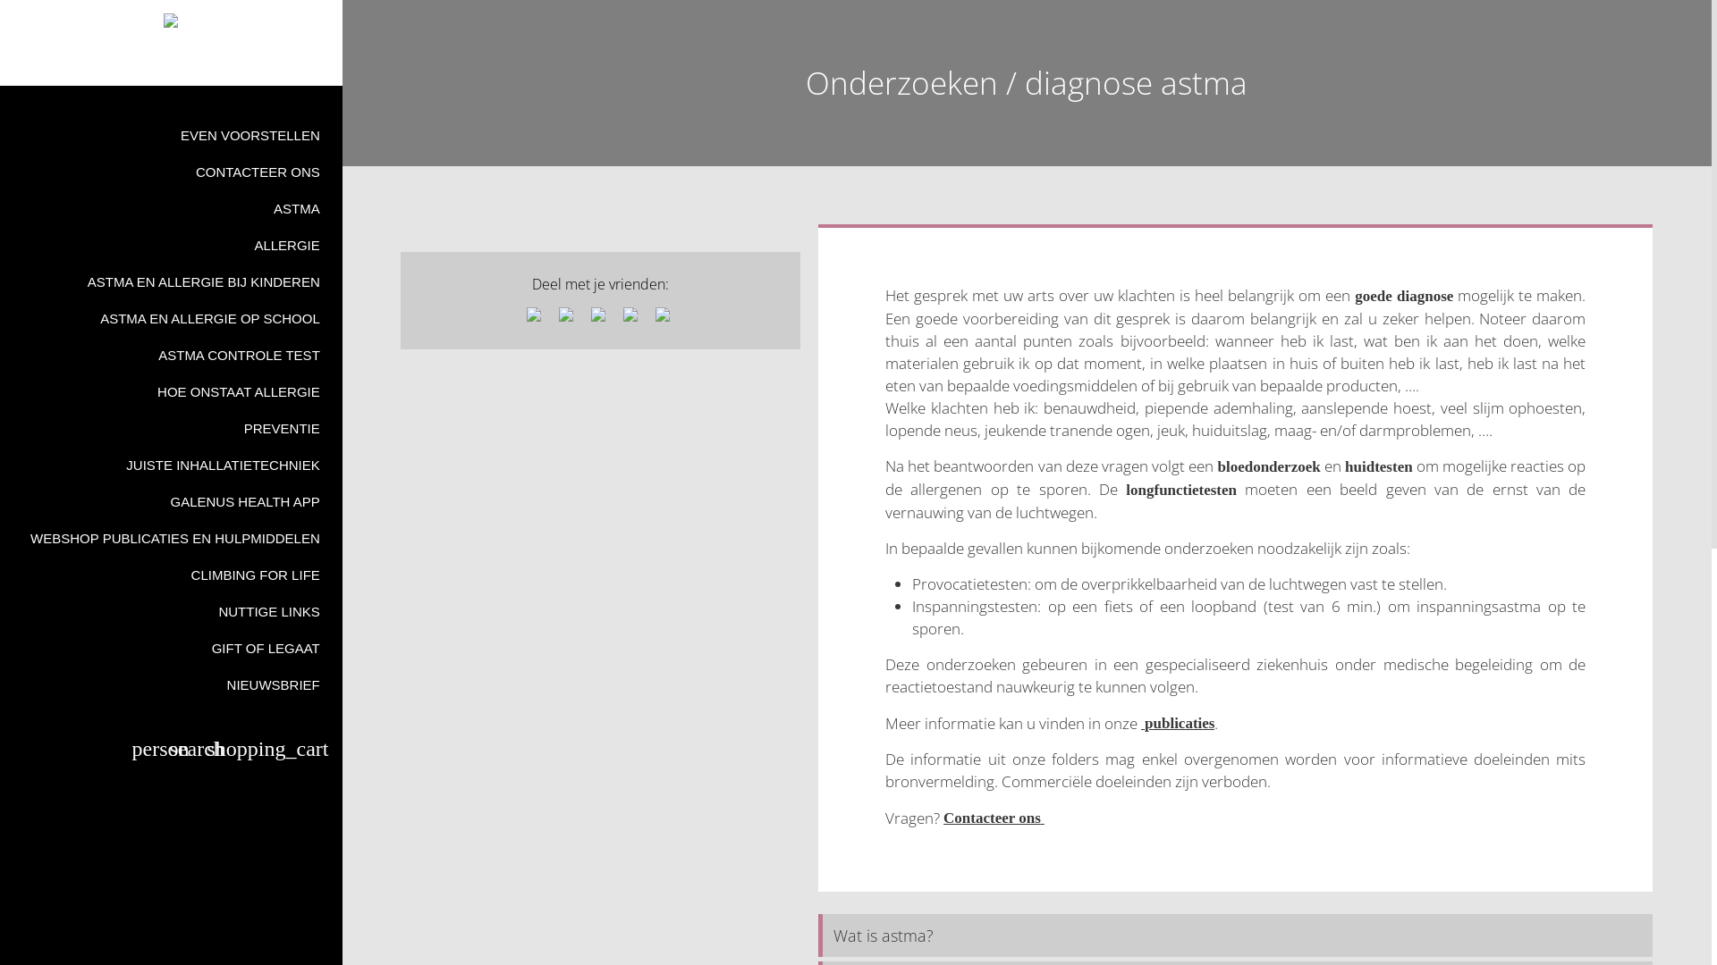 The image size is (1717, 965). Describe the element at coordinates (1177, 722) in the screenshot. I see `' publicaties'` at that location.